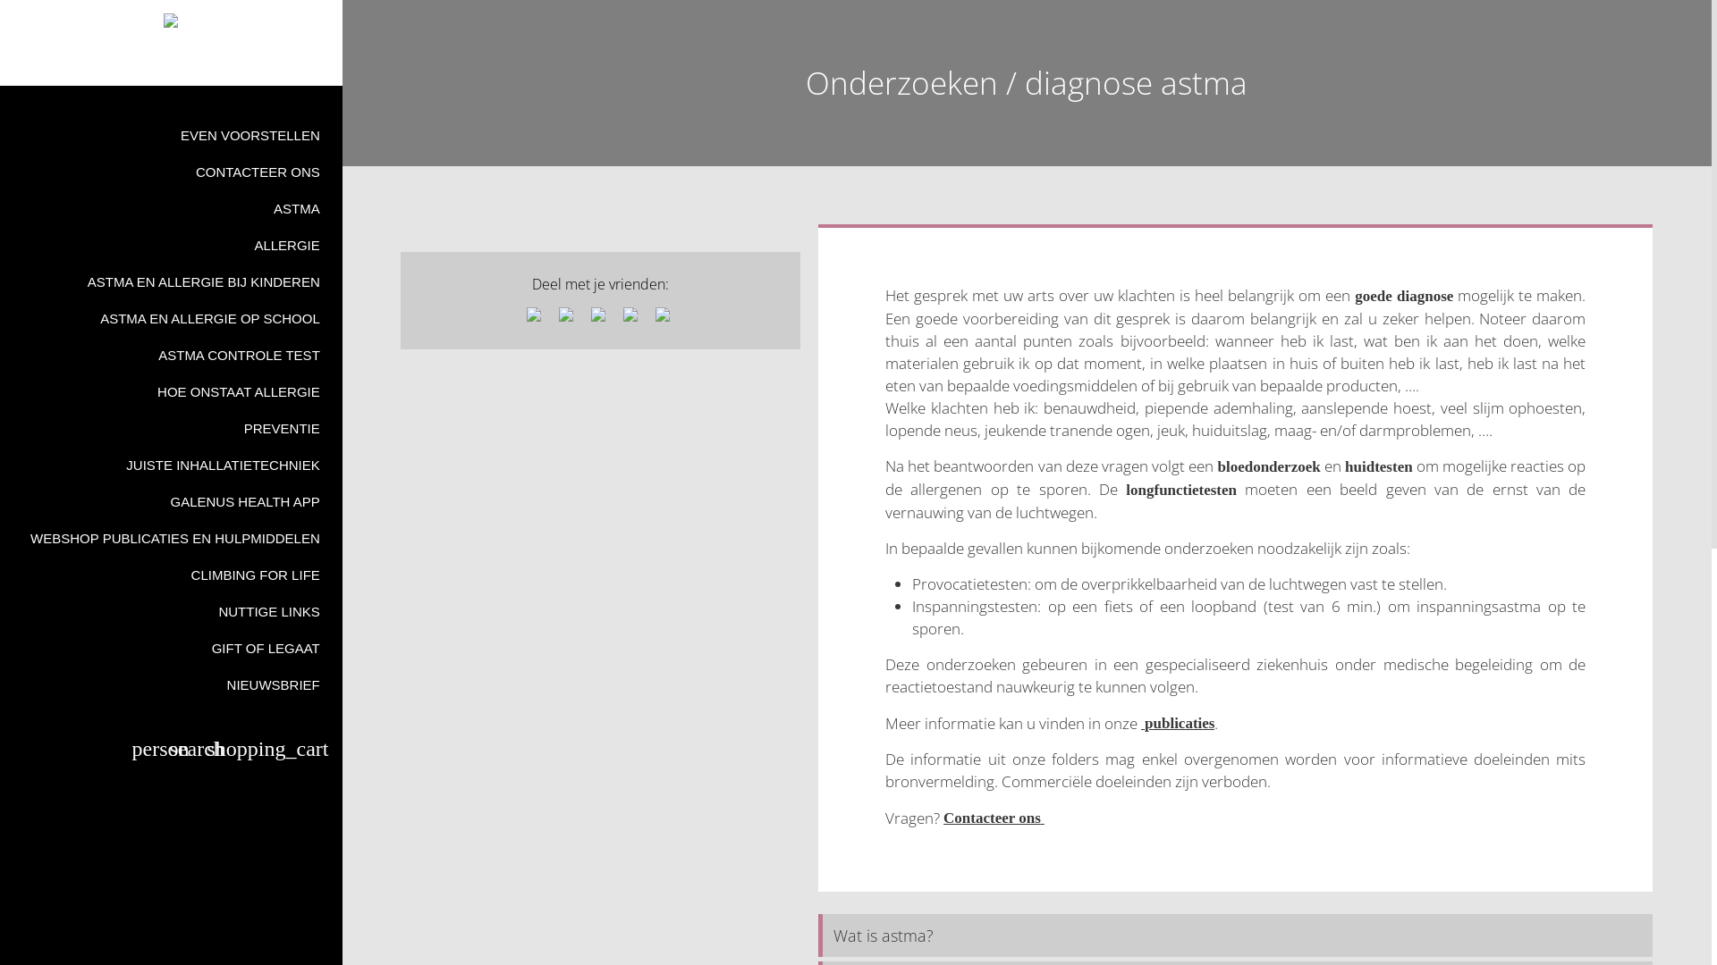 The image size is (1717, 965). Describe the element at coordinates (1177, 722) in the screenshot. I see `' publicaties'` at that location.